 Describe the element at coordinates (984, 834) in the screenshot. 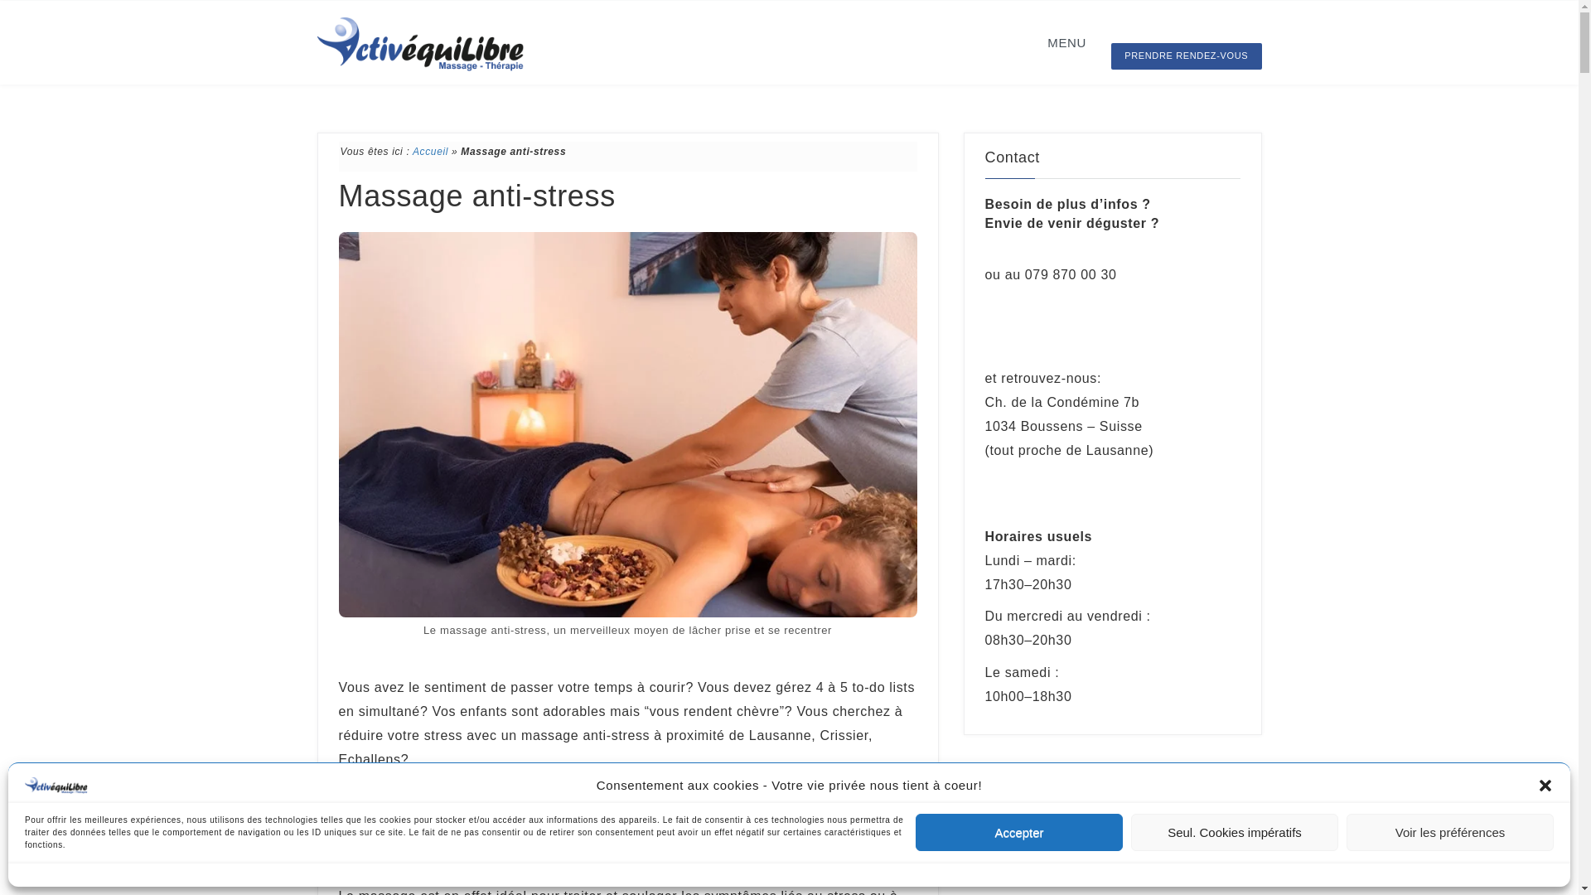

I see `'Rechercher'` at that location.